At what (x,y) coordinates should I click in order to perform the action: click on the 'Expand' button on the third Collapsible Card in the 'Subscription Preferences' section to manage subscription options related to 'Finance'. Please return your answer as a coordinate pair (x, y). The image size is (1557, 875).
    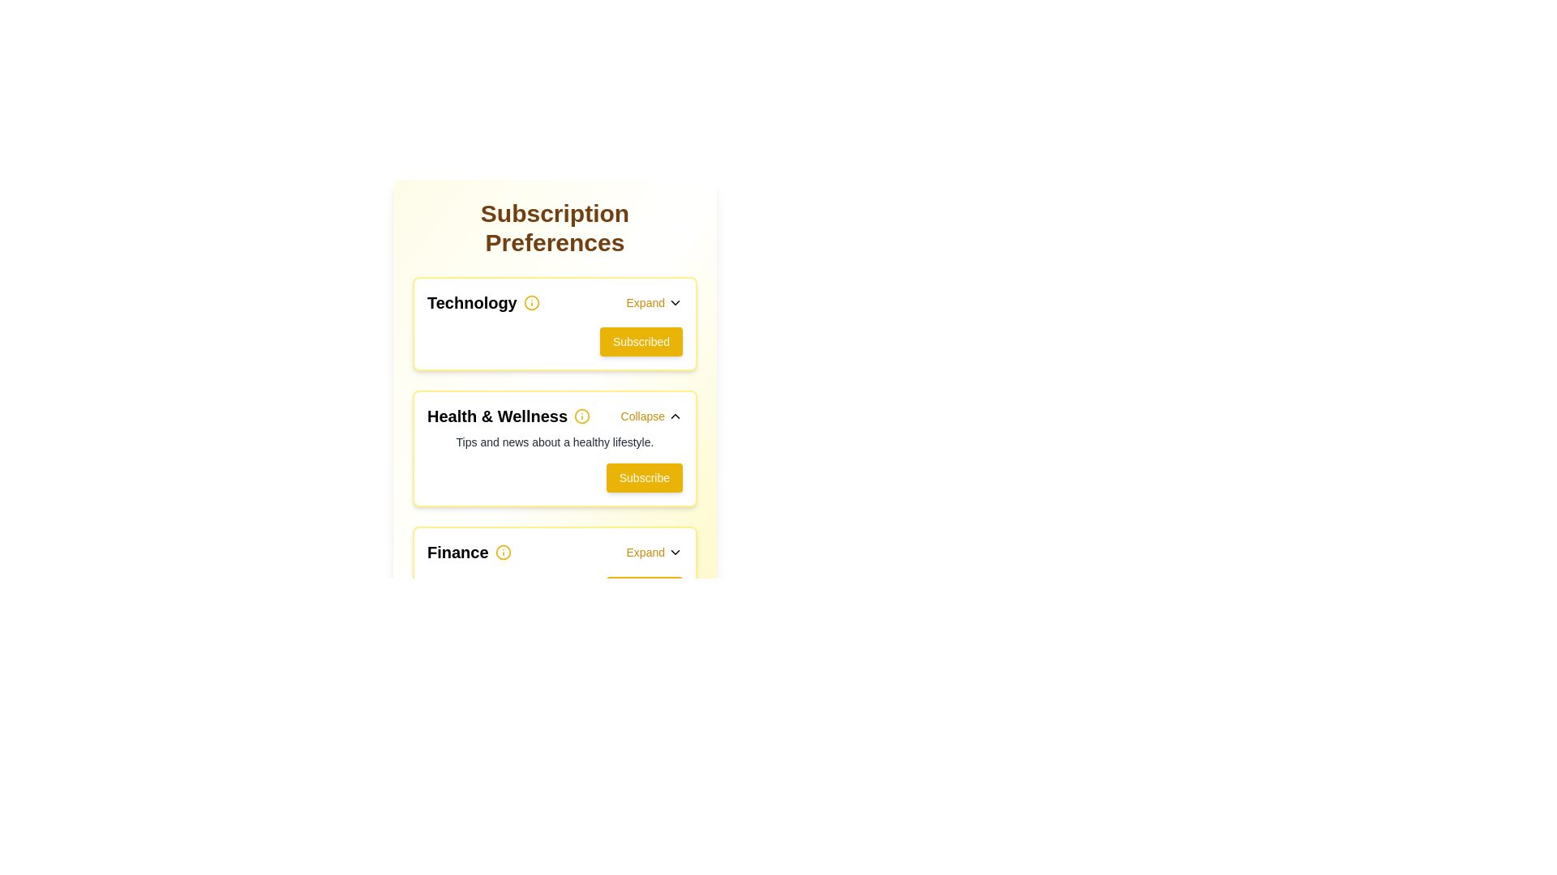
    Looking at the image, I should click on (555, 573).